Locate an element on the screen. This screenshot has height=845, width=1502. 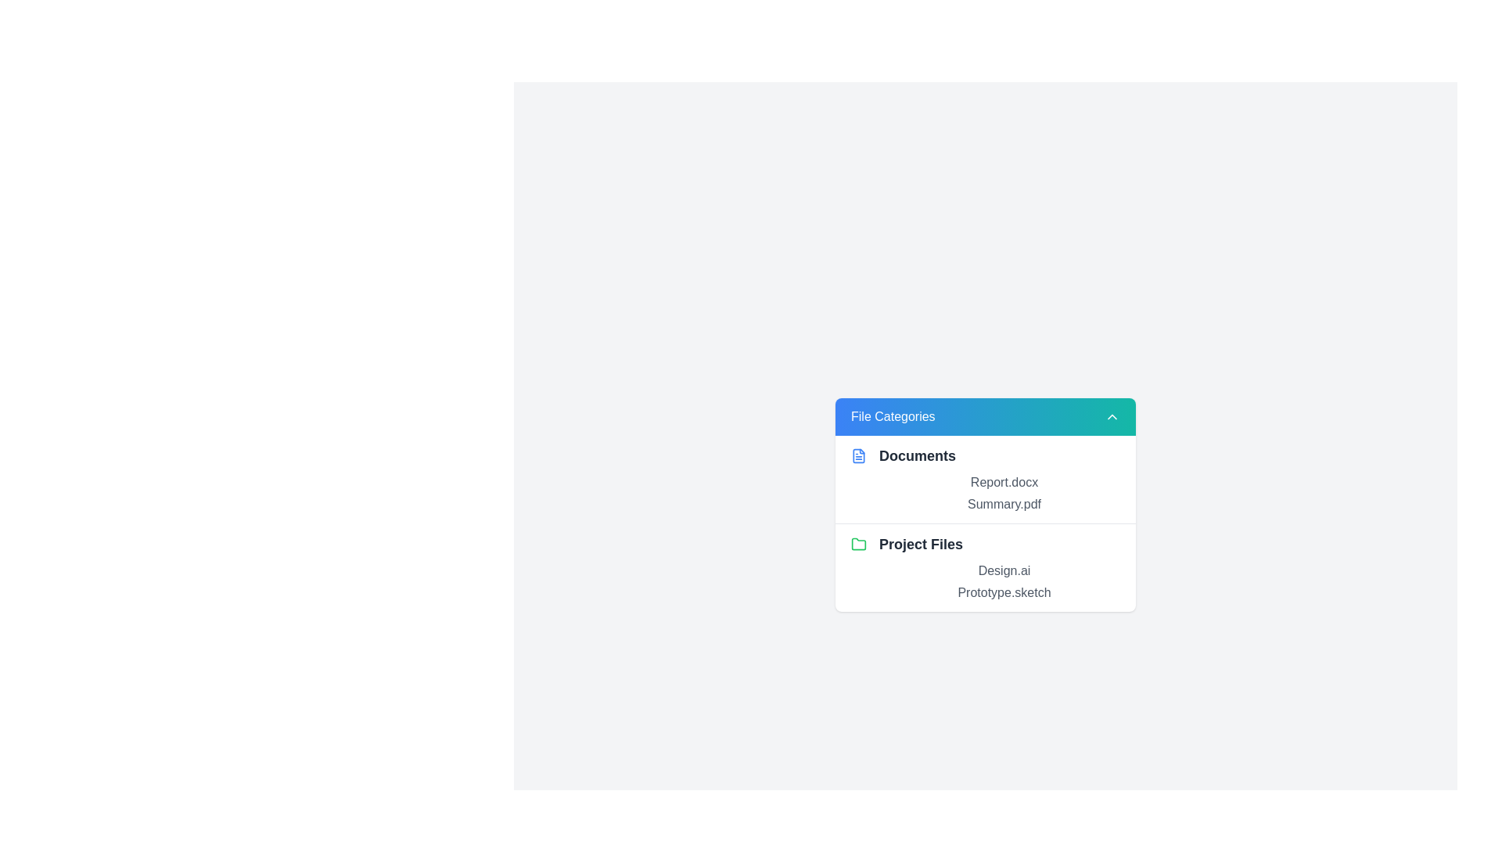
the 'File Categories' section of the Categorization panel is located at coordinates (984, 504).